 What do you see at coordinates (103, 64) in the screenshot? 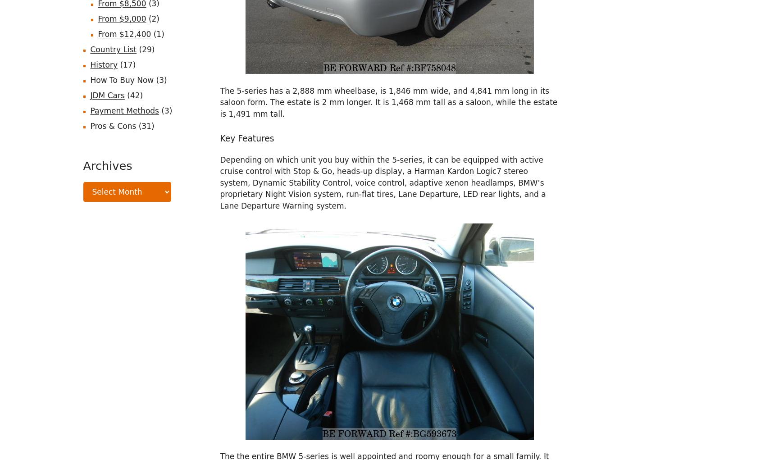
I see `'History'` at bounding box center [103, 64].